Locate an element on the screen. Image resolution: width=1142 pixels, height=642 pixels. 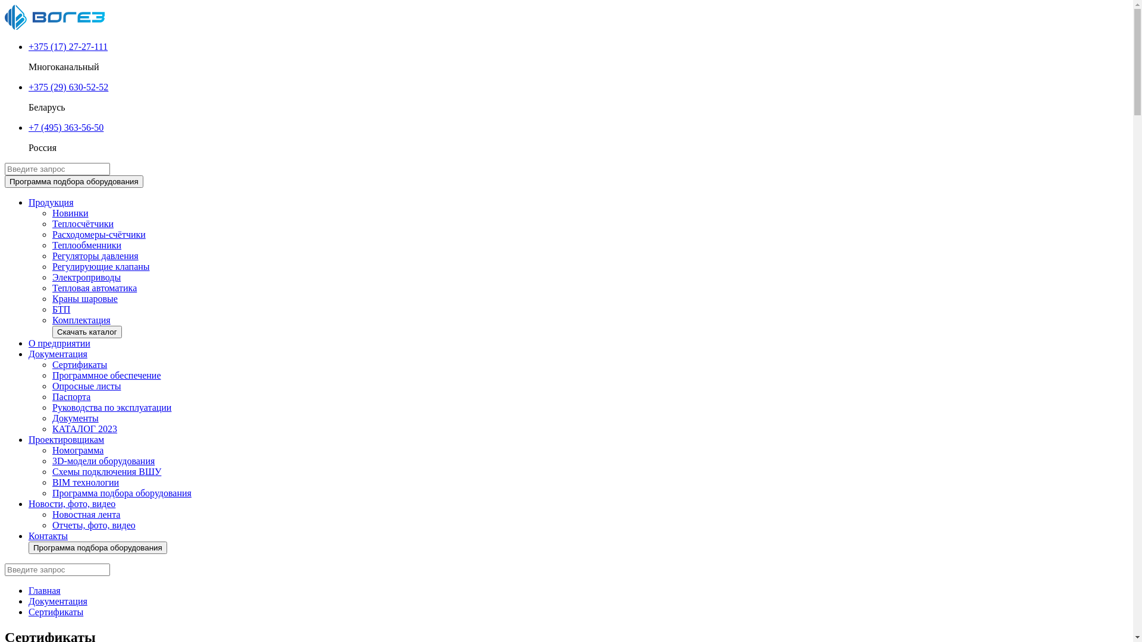
'+7 (495) 363-56-50' is located at coordinates (65, 127).